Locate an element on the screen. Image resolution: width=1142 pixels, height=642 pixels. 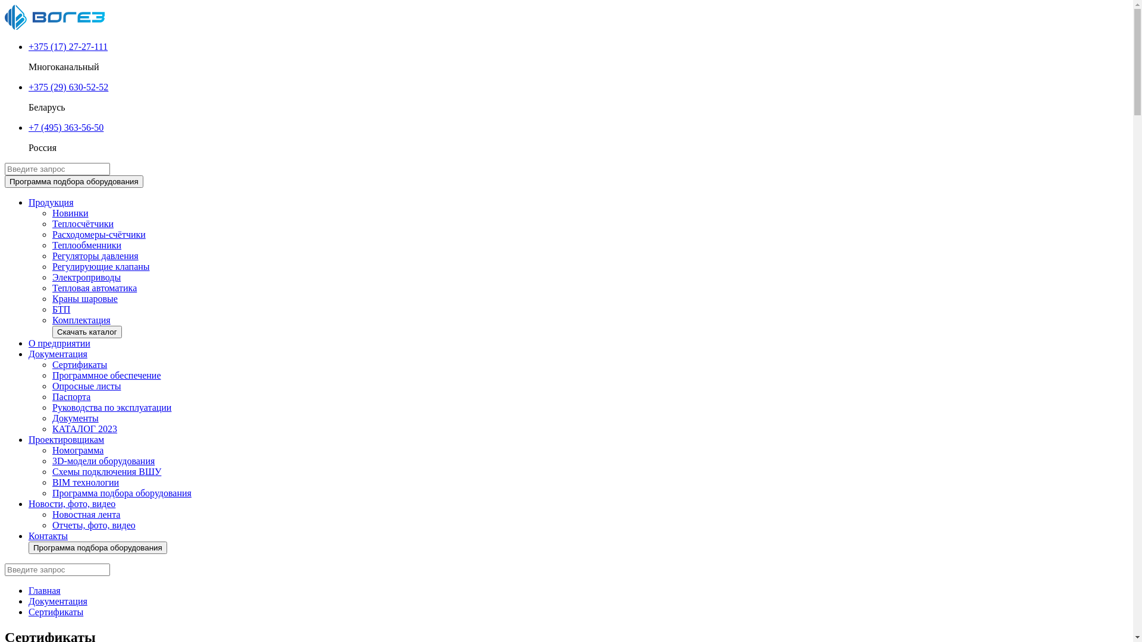
'+7 (495) 363-56-50' is located at coordinates (65, 127).